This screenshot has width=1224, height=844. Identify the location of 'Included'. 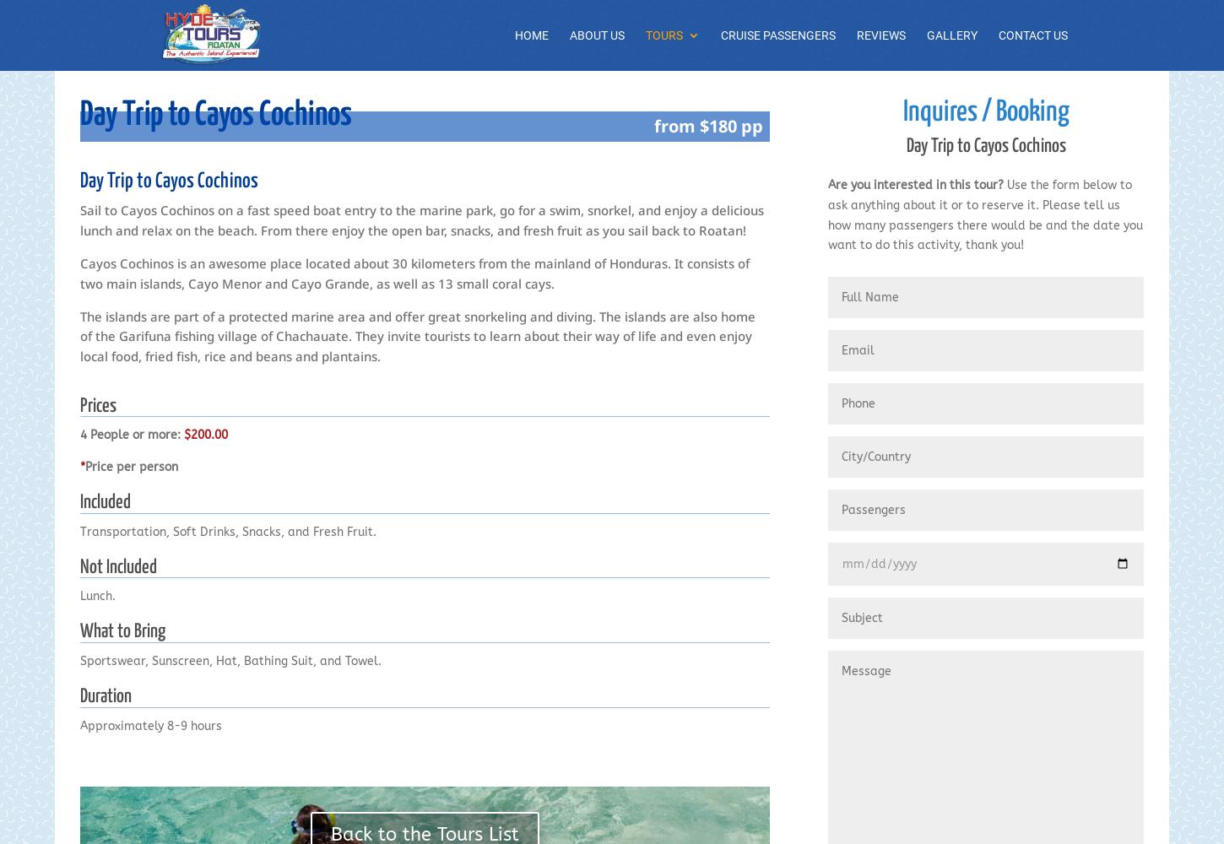
(104, 501).